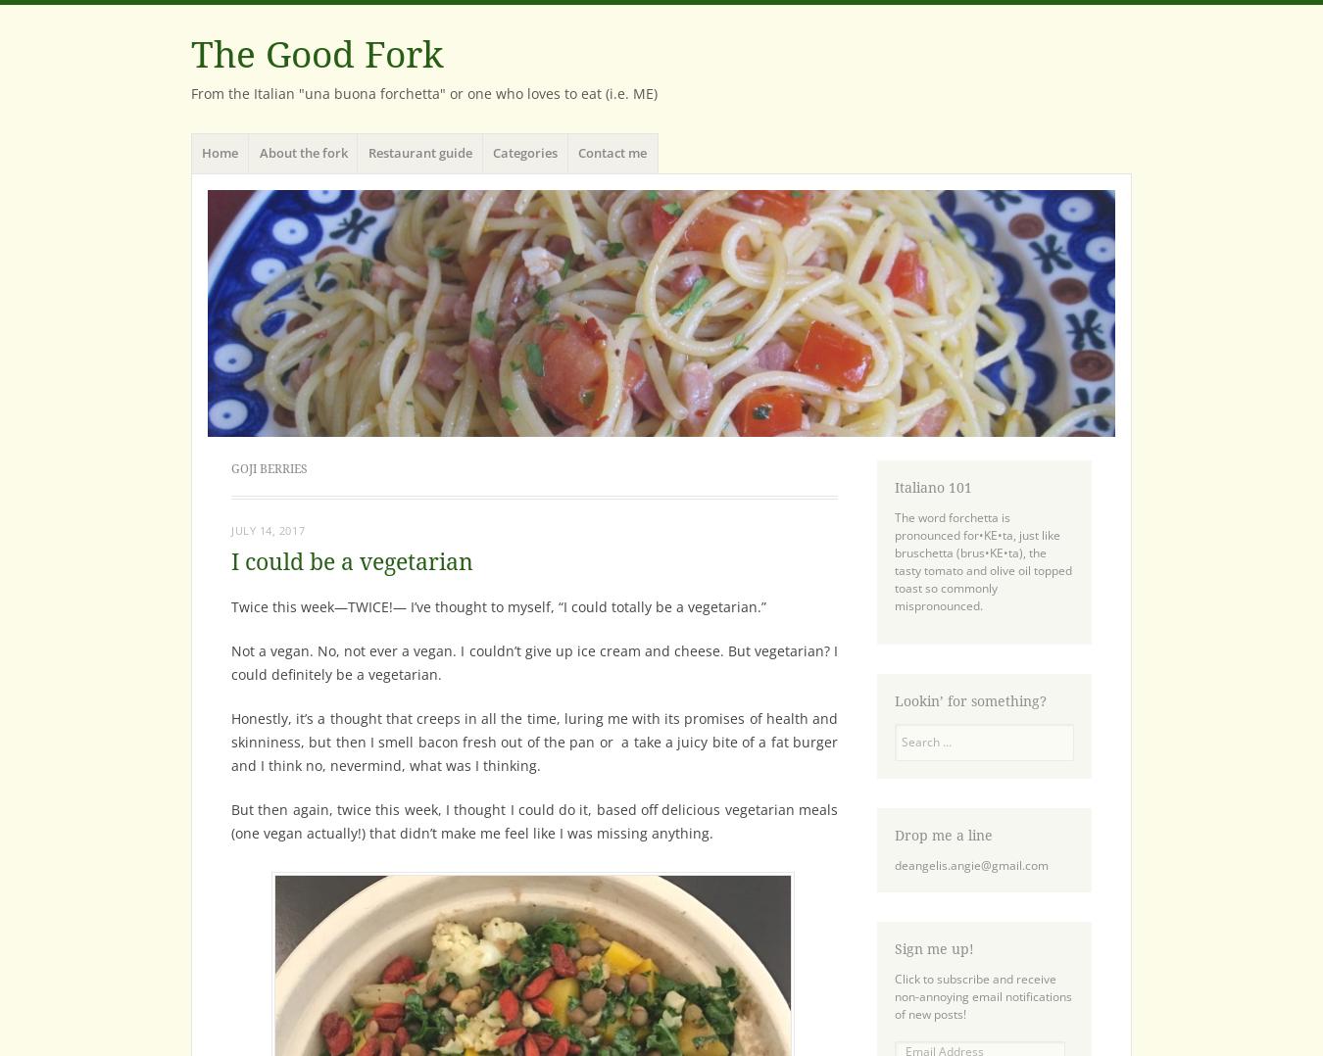  Describe the element at coordinates (267, 529) in the screenshot. I see `'July 14, 2017'` at that location.